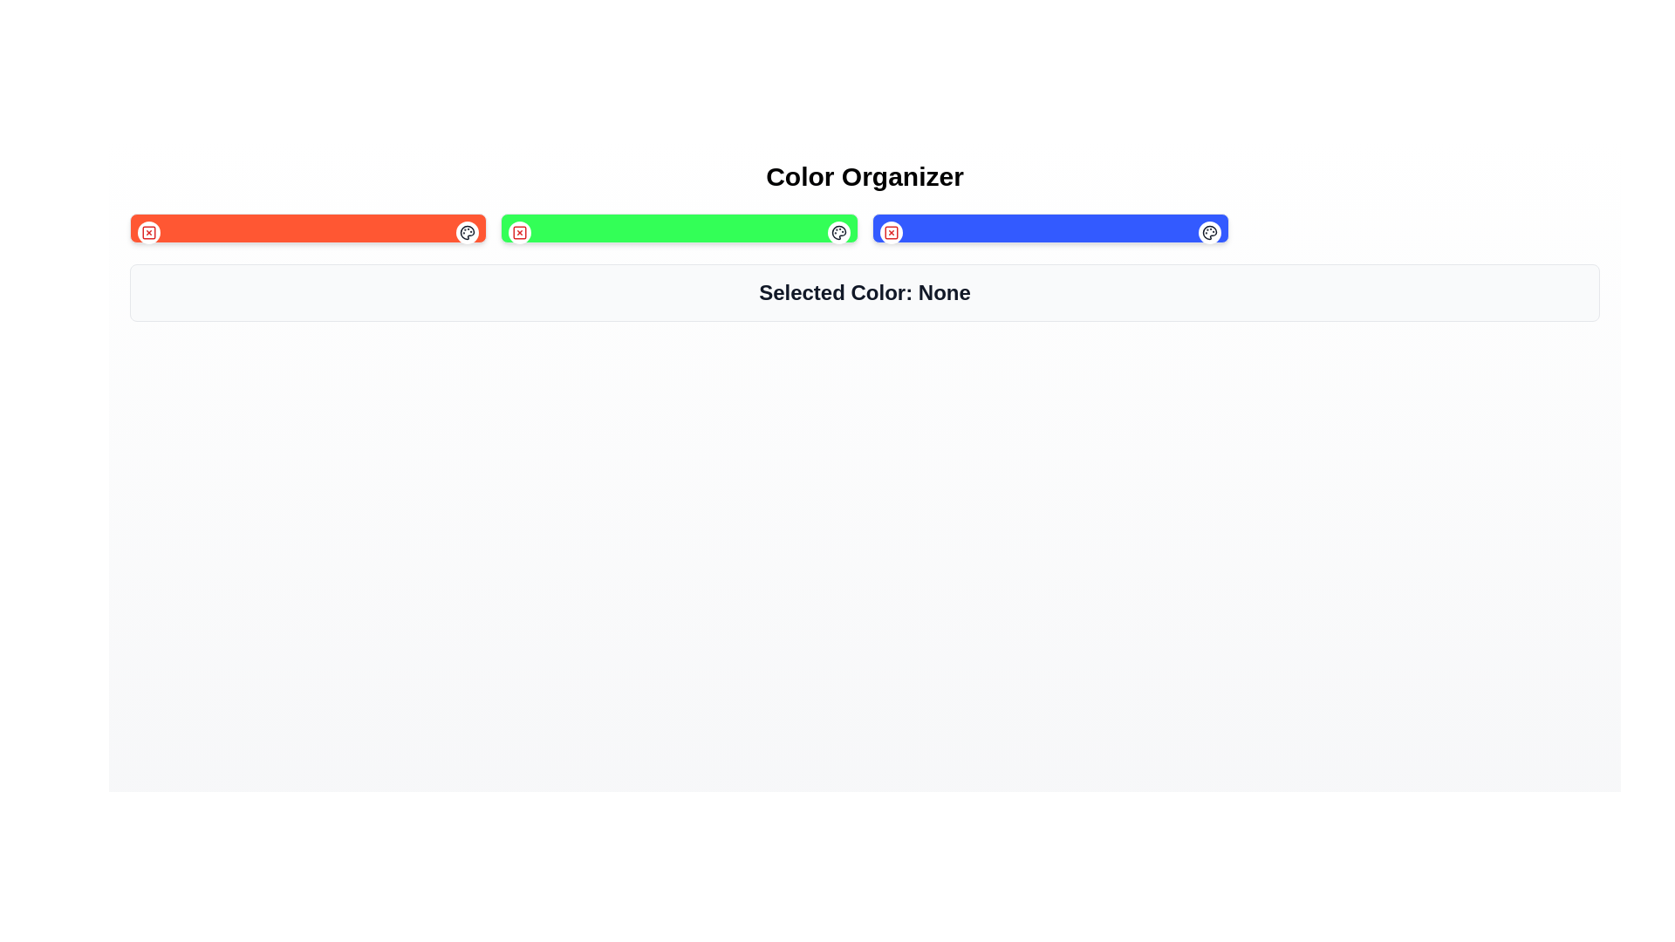 This screenshot has width=1675, height=942. What do you see at coordinates (1208, 231) in the screenshot?
I see `the painter's palette icon, which is a gray SVG shape with various cutouts located in the blue color bar near its center` at bounding box center [1208, 231].